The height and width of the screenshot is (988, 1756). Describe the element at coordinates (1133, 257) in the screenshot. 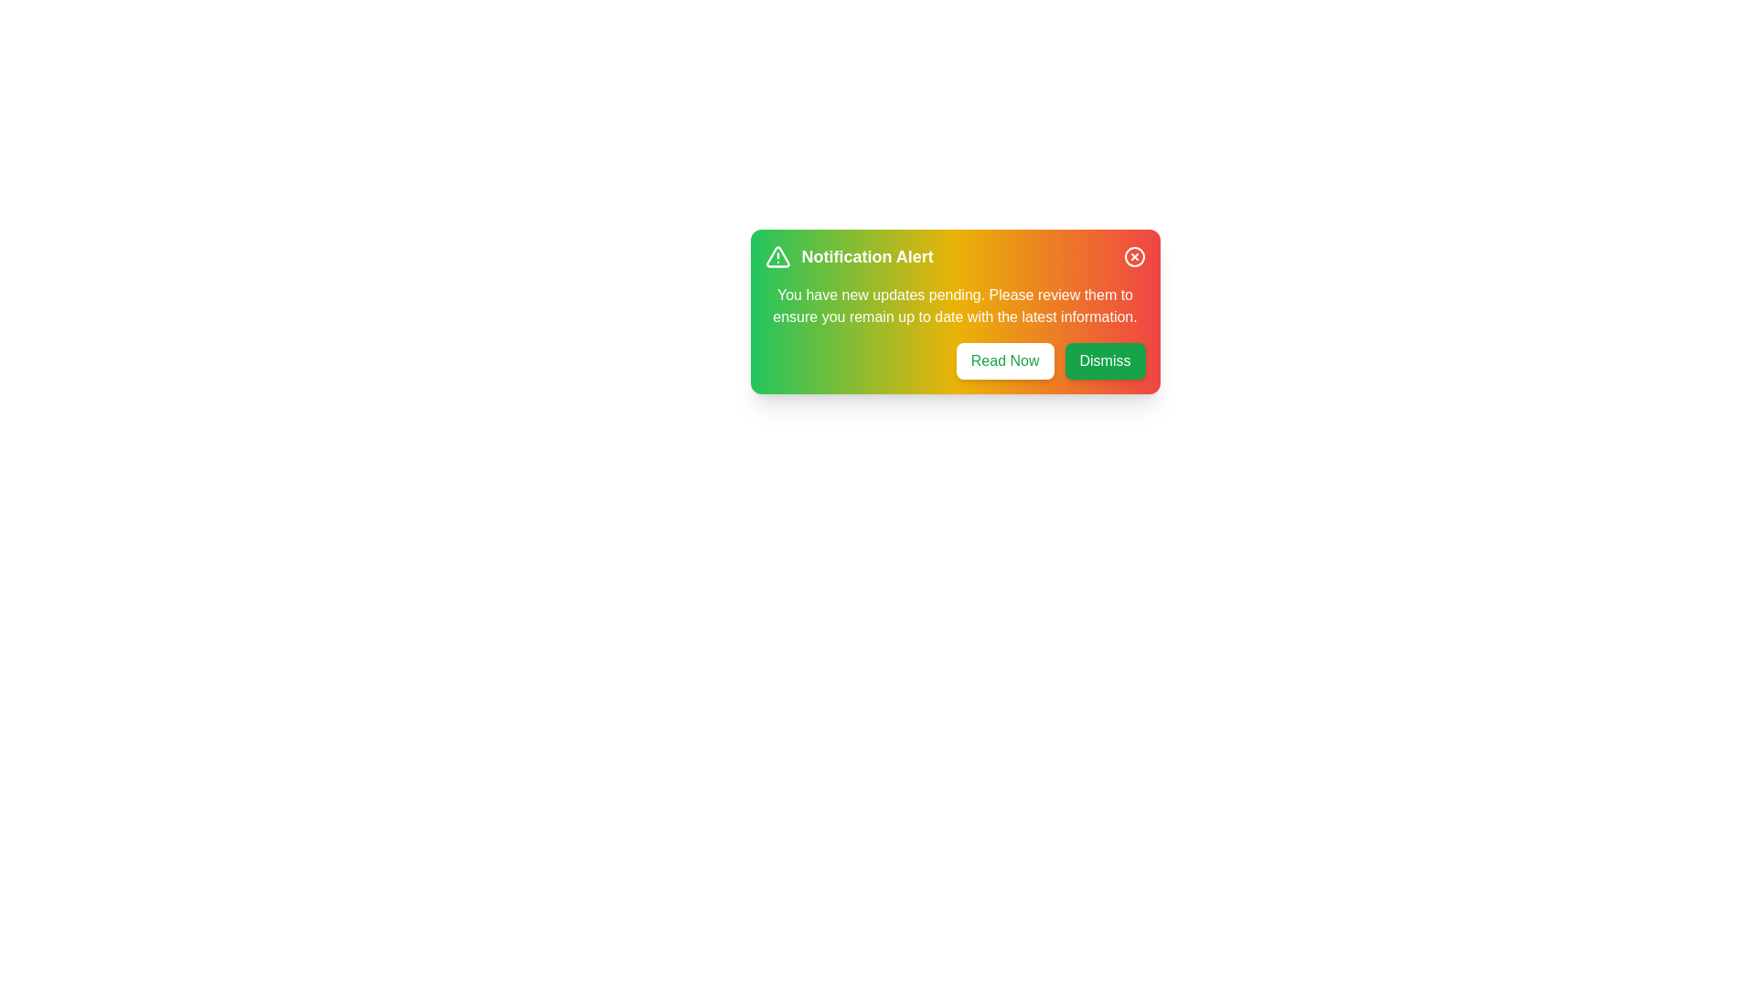

I see `the close button to close the notification panel` at that location.